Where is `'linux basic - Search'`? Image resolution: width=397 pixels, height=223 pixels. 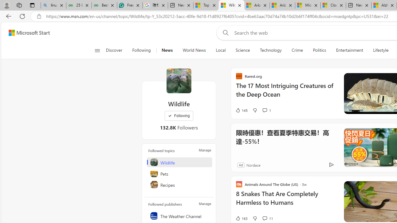
'linux basic - Search' is located at coordinates (53, 5).